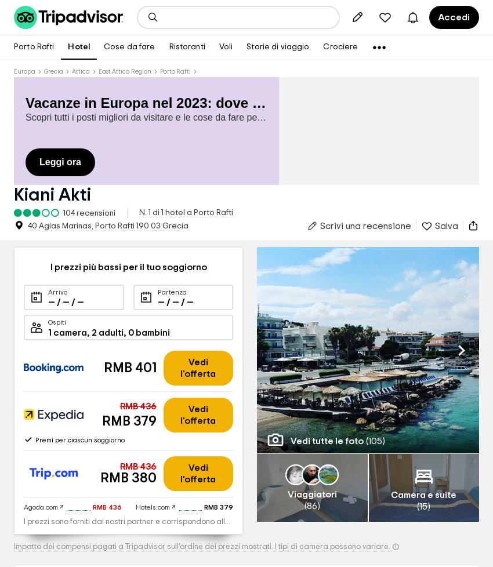 This screenshot has width=493, height=567. Describe the element at coordinates (311, 493) in the screenshot. I see `'Viaggiatori'` at that location.